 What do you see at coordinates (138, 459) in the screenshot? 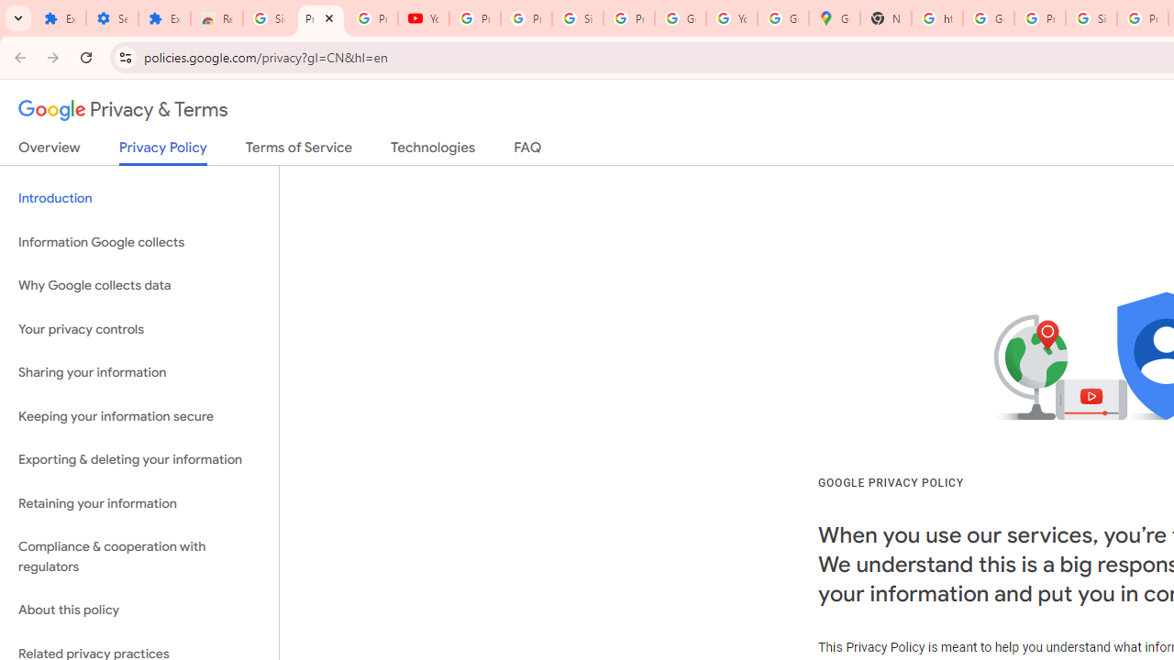
I see `'Exporting & deleting your information'` at bounding box center [138, 459].